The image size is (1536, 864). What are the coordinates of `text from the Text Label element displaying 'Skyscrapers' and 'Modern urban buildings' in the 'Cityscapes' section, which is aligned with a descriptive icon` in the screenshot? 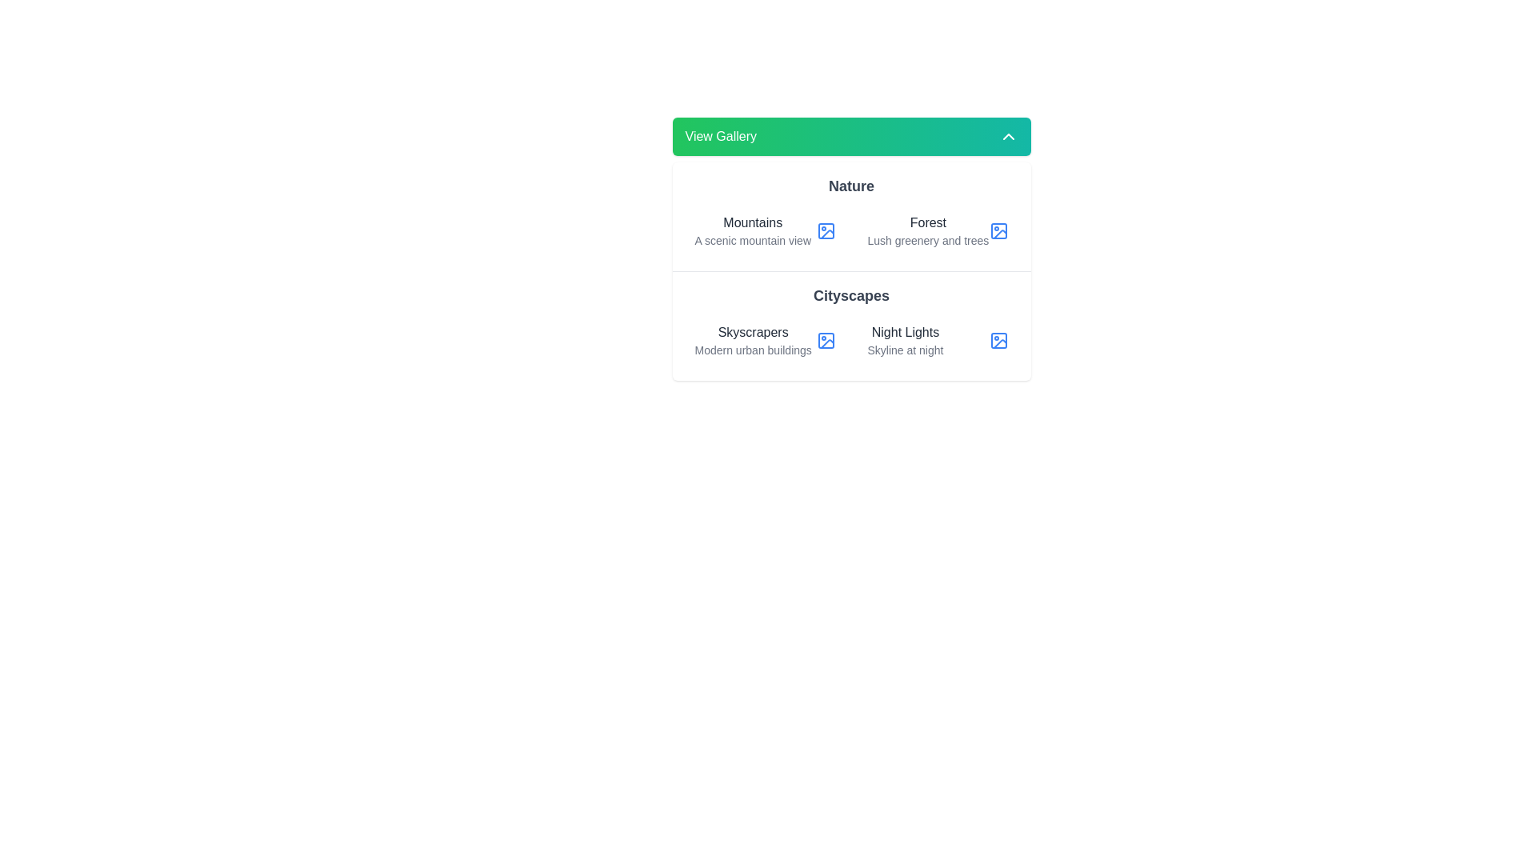 It's located at (752, 339).